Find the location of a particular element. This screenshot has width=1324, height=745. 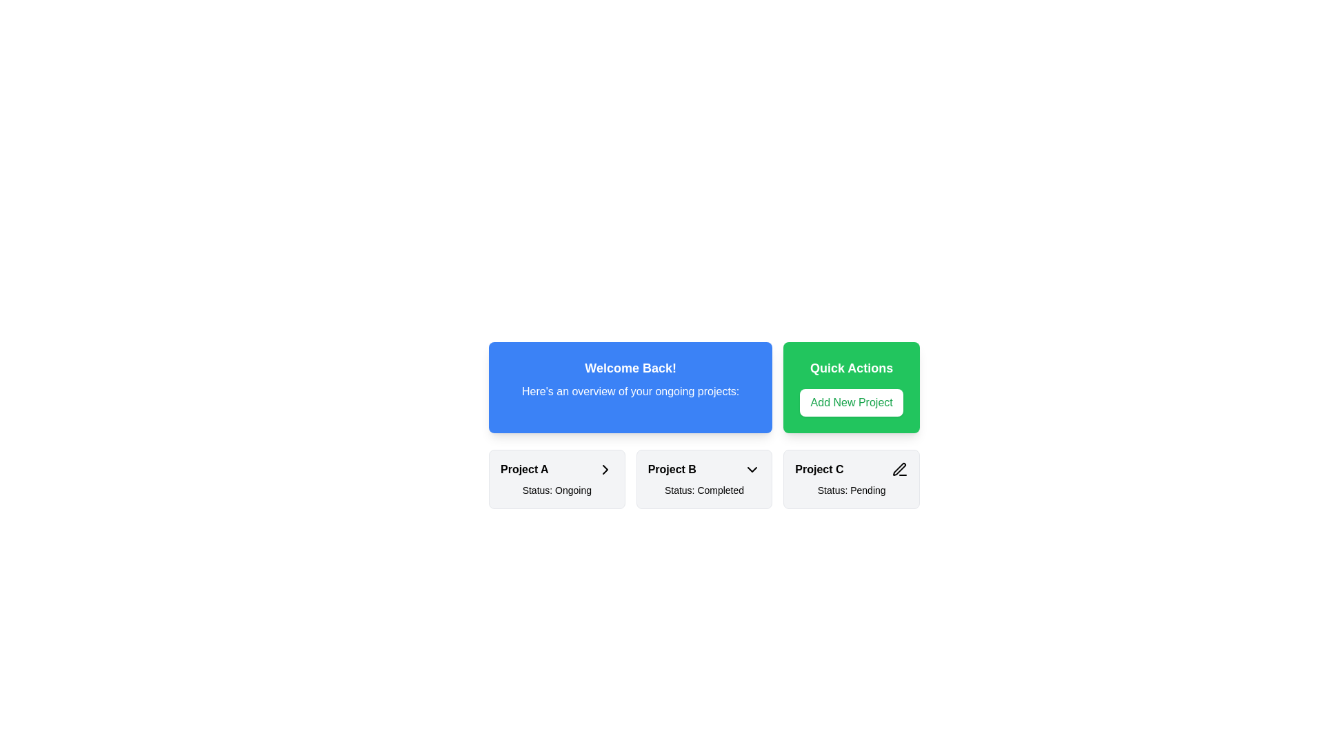

text label that displays 'Project B' in bold, centered above 'Status: Completed' within the second project card is located at coordinates (672, 469).